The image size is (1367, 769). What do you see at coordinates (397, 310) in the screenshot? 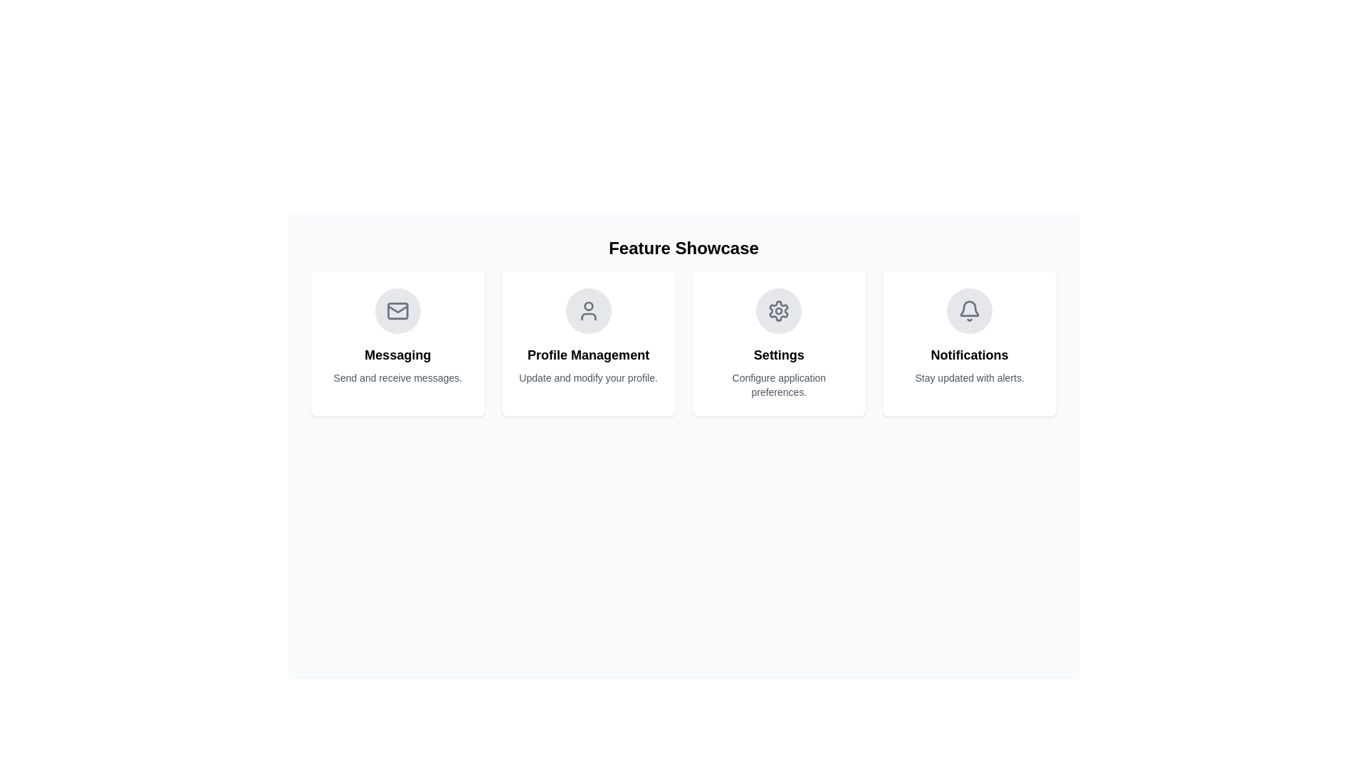
I see `the rectangular shape that is part of the envelope icon in the 'Messaging' section, which represents the content area of the envelope` at bounding box center [397, 310].